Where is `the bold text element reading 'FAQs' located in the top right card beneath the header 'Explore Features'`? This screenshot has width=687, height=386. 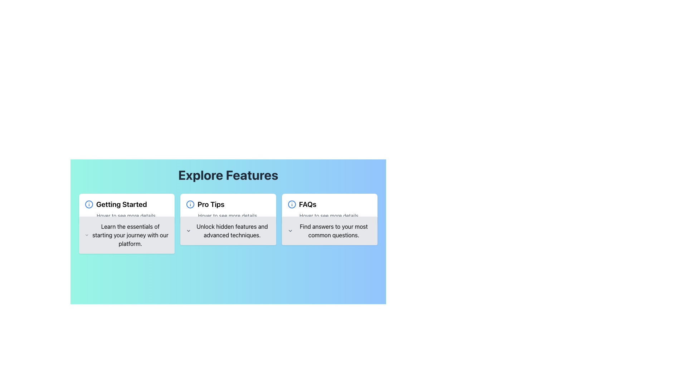 the bold text element reading 'FAQs' located in the top right card beneath the header 'Explore Features' is located at coordinates (307, 204).